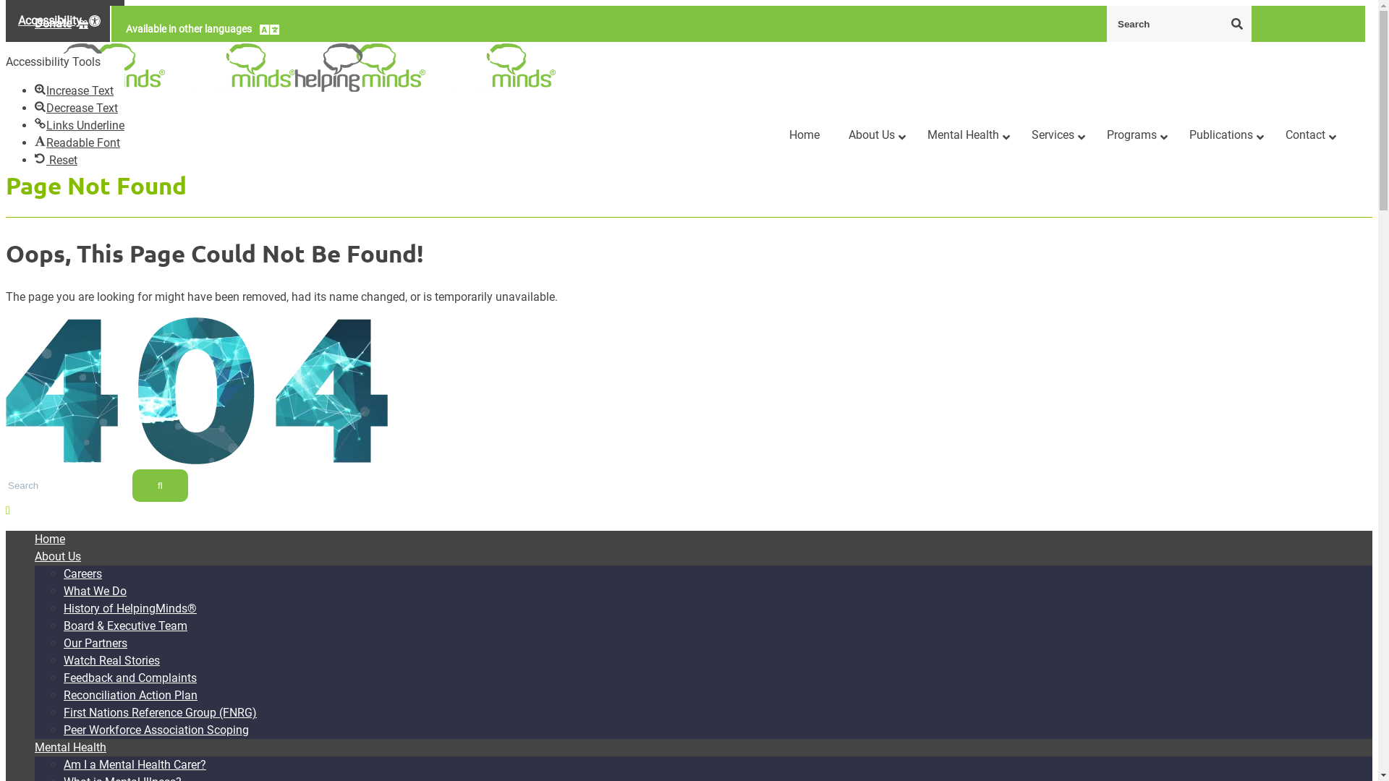 Image resolution: width=1389 pixels, height=781 pixels. I want to click on 'First Nations Reference Group (FNRG)', so click(62, 712).